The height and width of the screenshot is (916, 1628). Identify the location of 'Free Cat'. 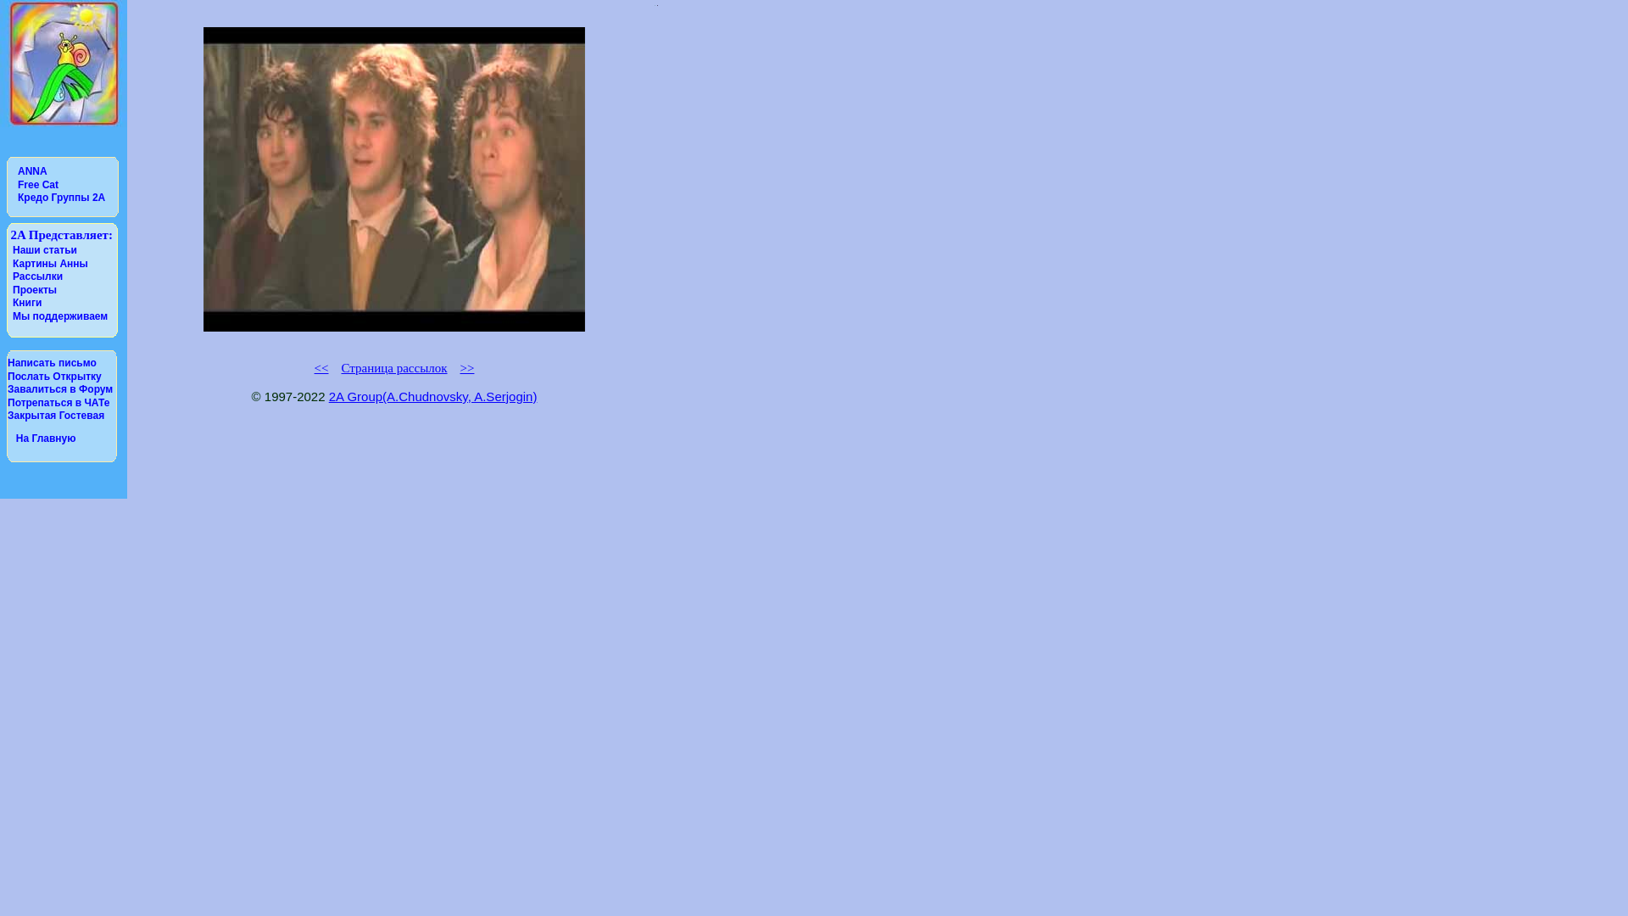
(17, 185).